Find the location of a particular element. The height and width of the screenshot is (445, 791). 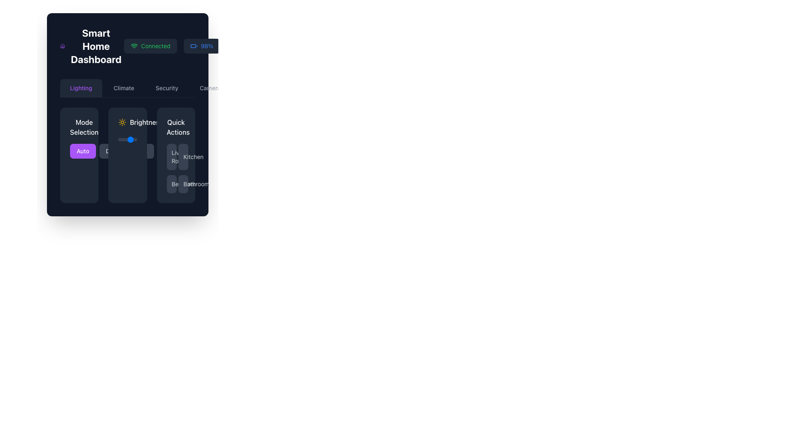

the 'Cameras' navigation tab located at the top of the dark-themed dashboard to switch to the Cameras section is located at coordinates (211, 88).